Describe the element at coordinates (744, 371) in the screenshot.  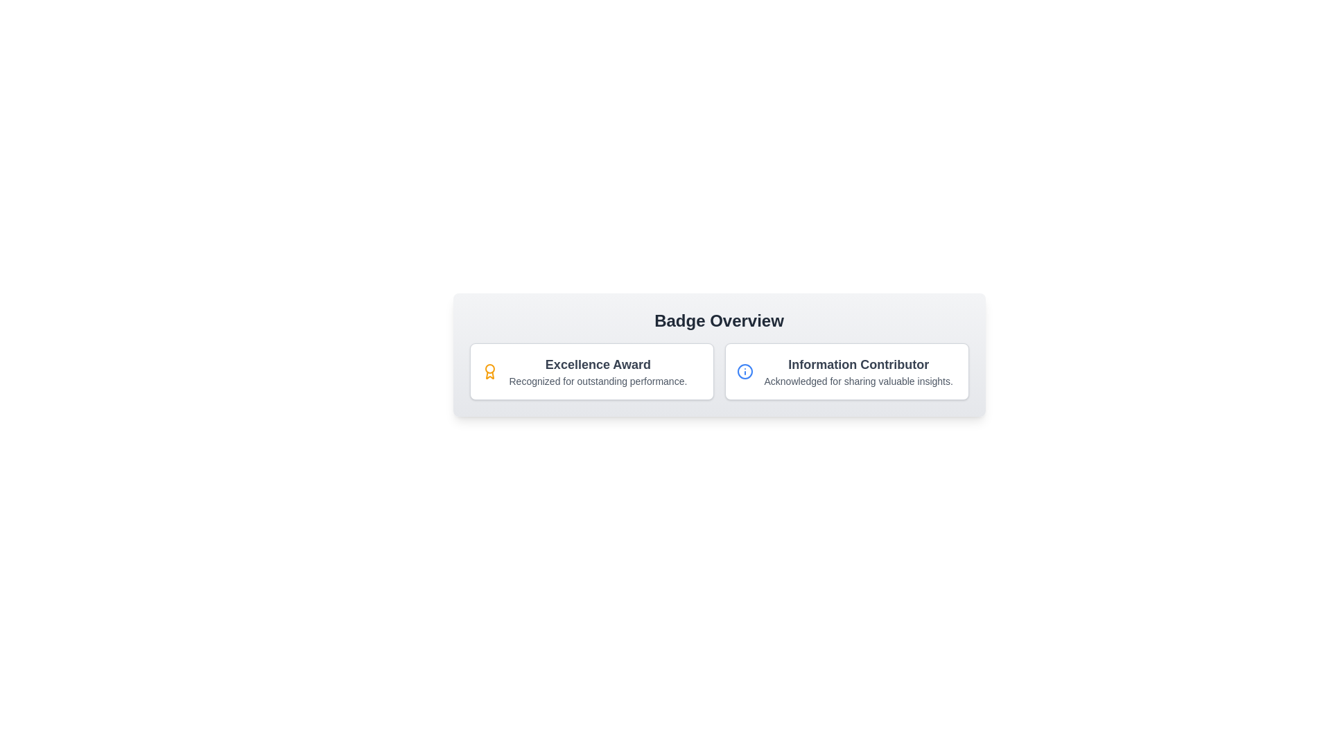
I see `the blue circular icon with a white 'i' symbol representing information, located to the left of the text in the 'Information Contributor' badge area, the second badge from the left in the badge overview section` at that location.